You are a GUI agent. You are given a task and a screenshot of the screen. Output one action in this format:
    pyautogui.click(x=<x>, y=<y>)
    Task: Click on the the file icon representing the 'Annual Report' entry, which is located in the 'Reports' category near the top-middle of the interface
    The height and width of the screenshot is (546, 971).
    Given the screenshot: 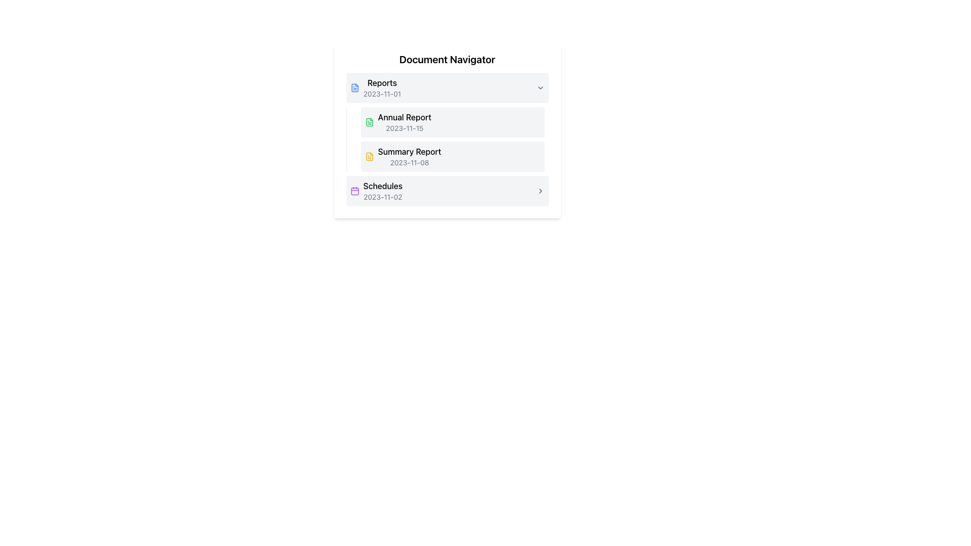 What is the action you would take?
    pyautogui.click(x=369, y=122)
    